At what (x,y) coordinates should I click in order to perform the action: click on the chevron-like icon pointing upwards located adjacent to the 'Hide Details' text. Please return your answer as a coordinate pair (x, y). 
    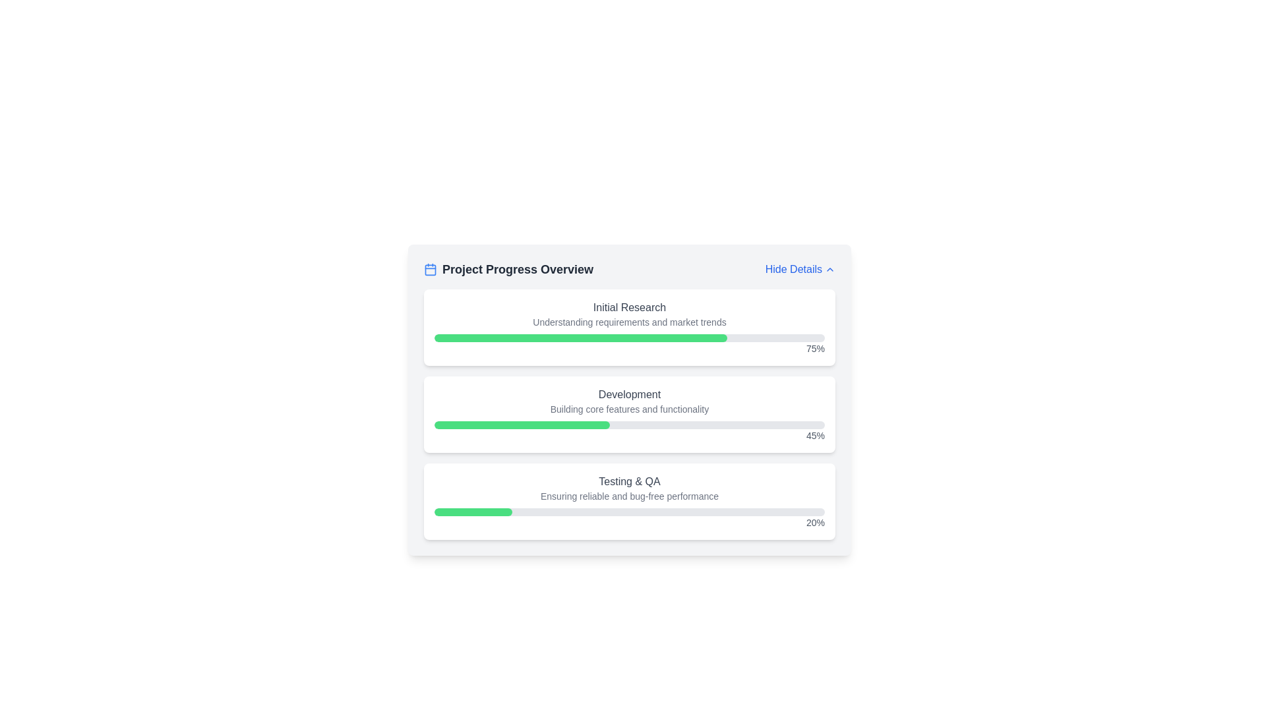
    Looking at the image, I should click on (829, 268).